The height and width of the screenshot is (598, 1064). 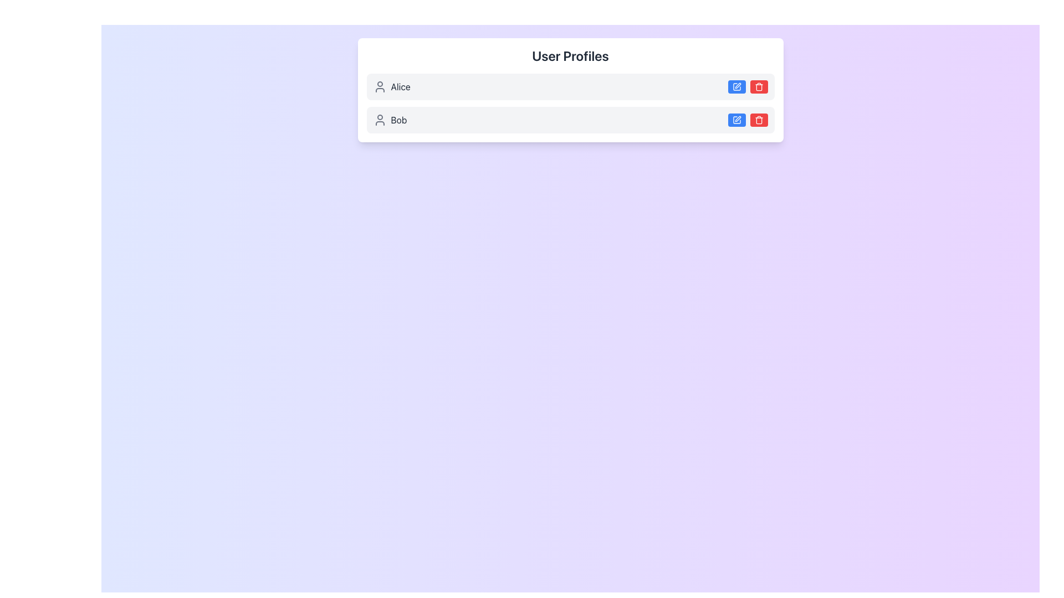 What do you see at coordinates (736, 86) in the screenshot?
I see `the edit button located in the first row of user profiles, adjacent to the text 'Alice'` at bounding box center [736, 86].